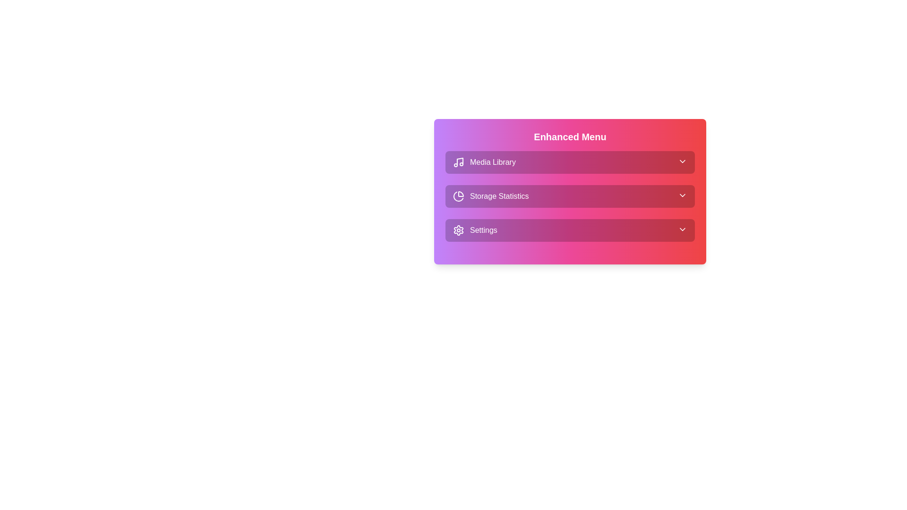 The image size is (907, 510). What do you see at coordinates (484, 161) in the screenshot?
I see `the 'Media Library' menu option in the 'Enhanced Menu'` at bounding box center [484, 161].